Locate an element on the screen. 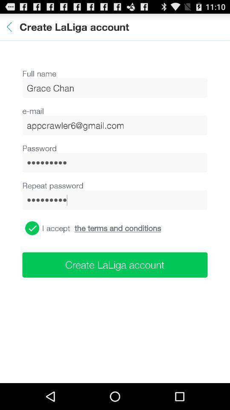 The height and width of the screenshot is (410, 230). icon above the create laliga account icon is located at coordinates (32, 228).